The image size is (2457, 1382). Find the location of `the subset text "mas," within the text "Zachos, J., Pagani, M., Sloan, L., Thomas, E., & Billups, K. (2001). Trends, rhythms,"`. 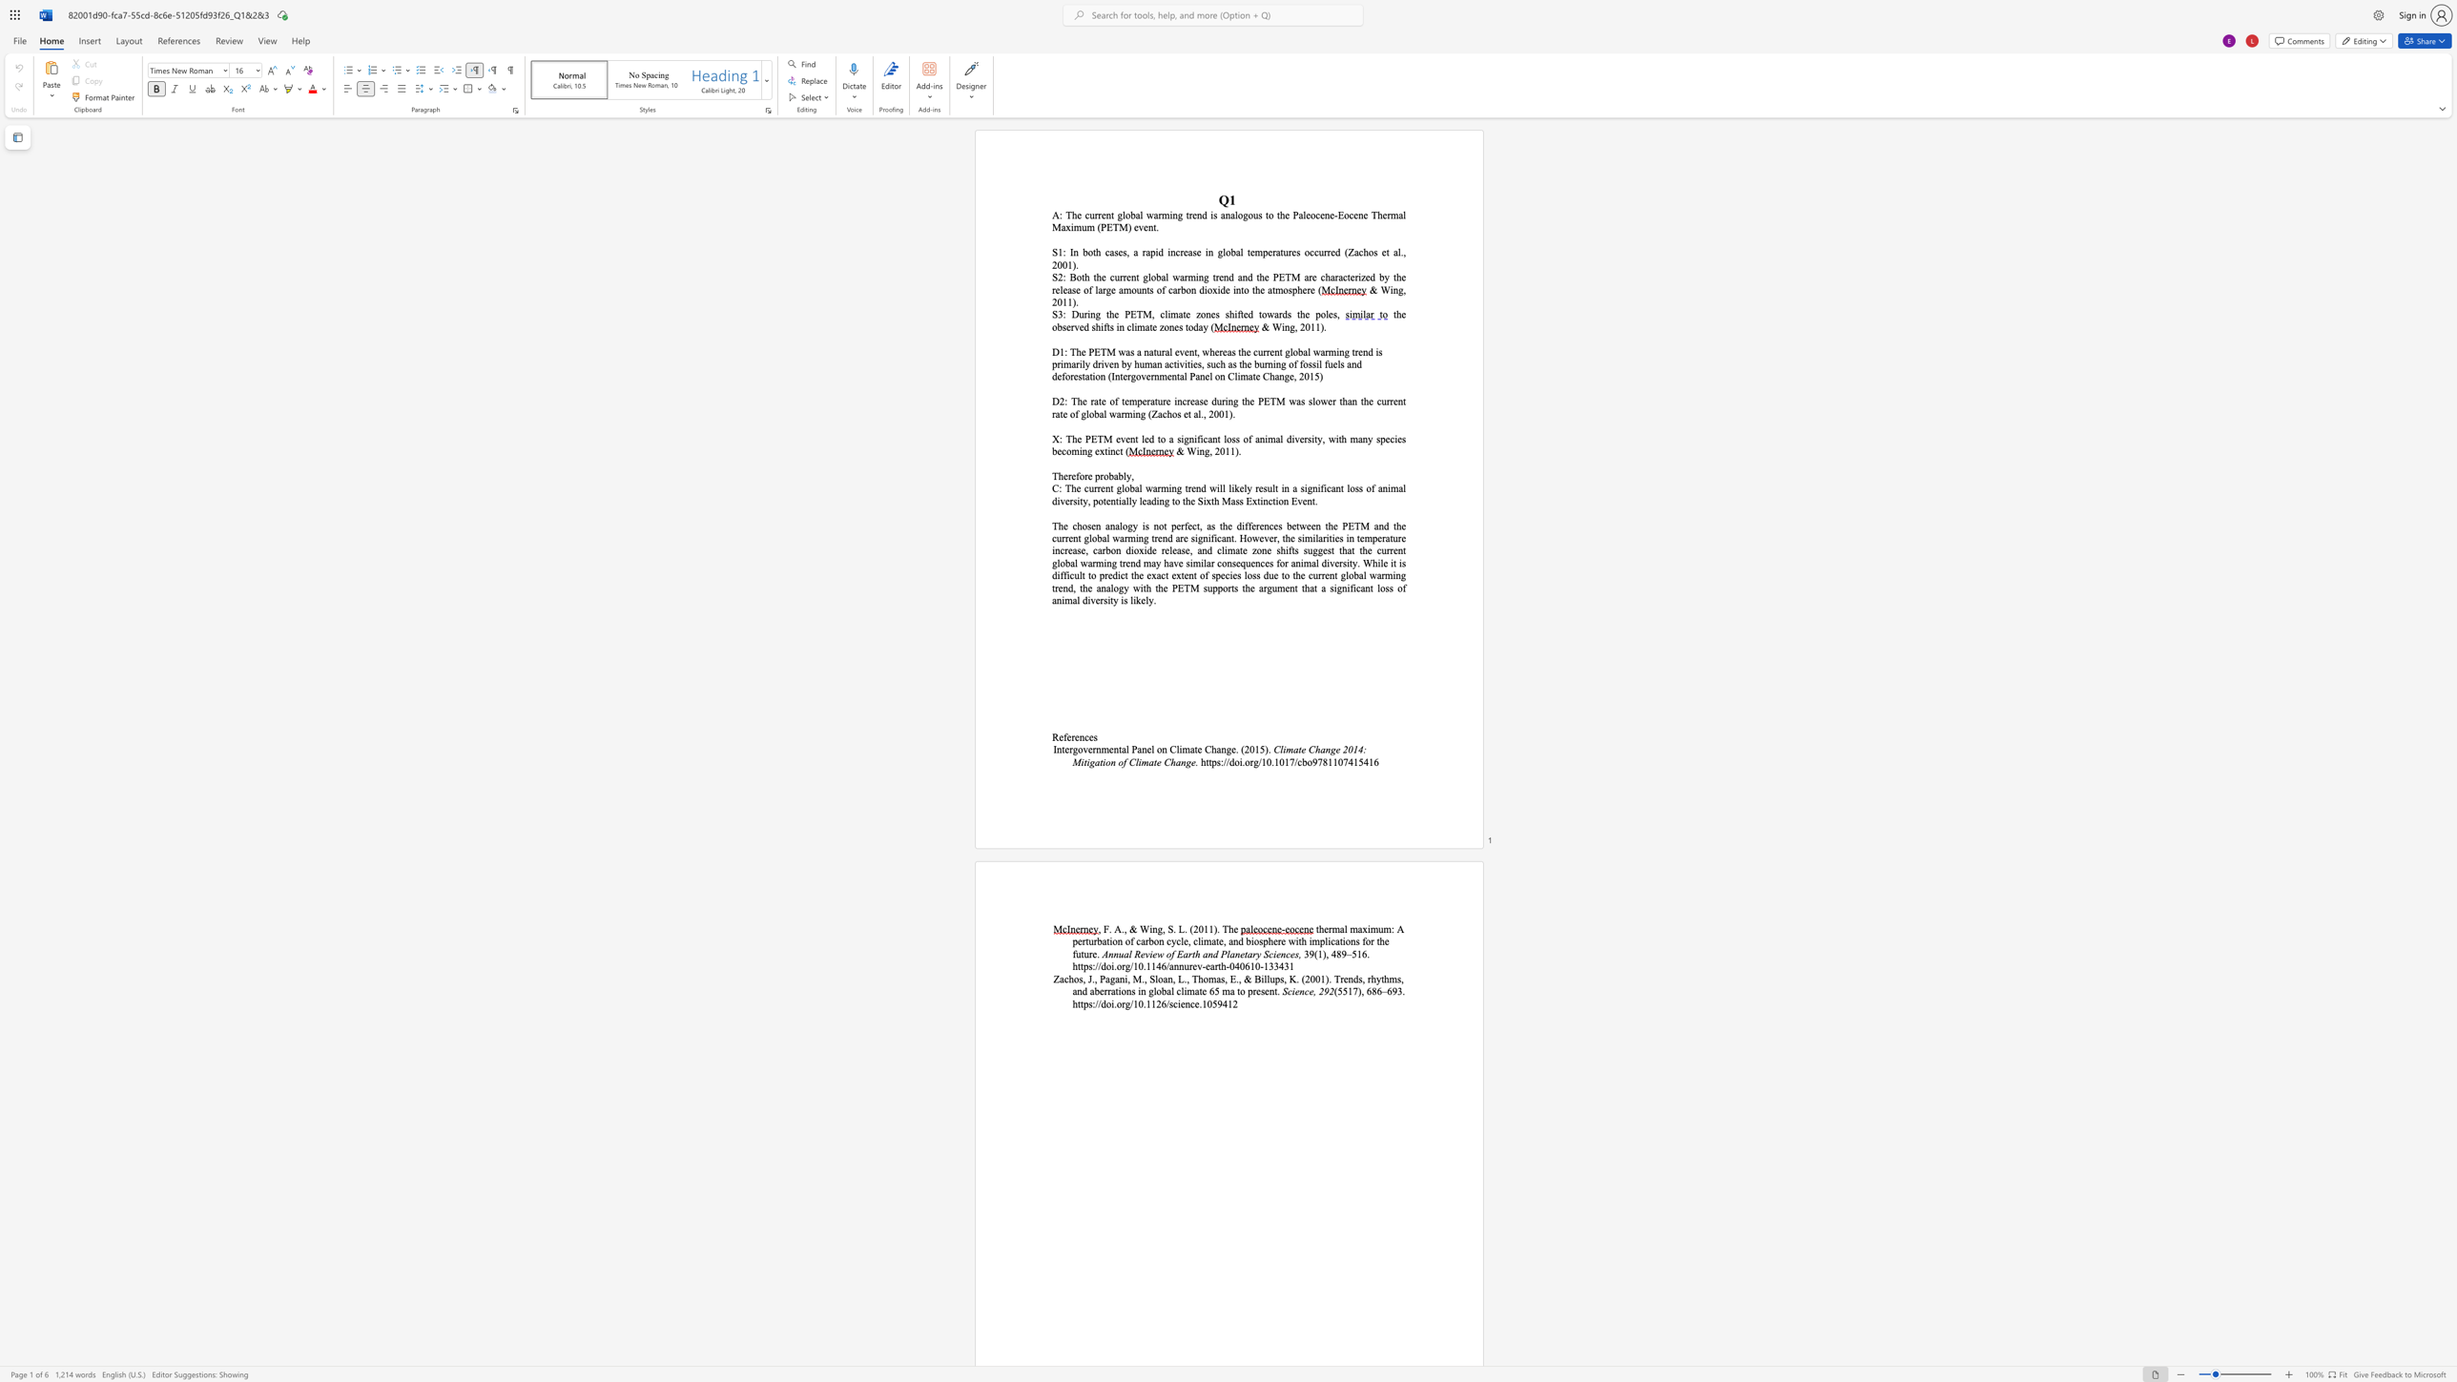

the subset text "mas," within the text "Zachos, J., Pagani, M., Sloan, L., Thomas, E., & Billups, K. (2001). Trends, rhythms," is located at coordinates (1207, 979).